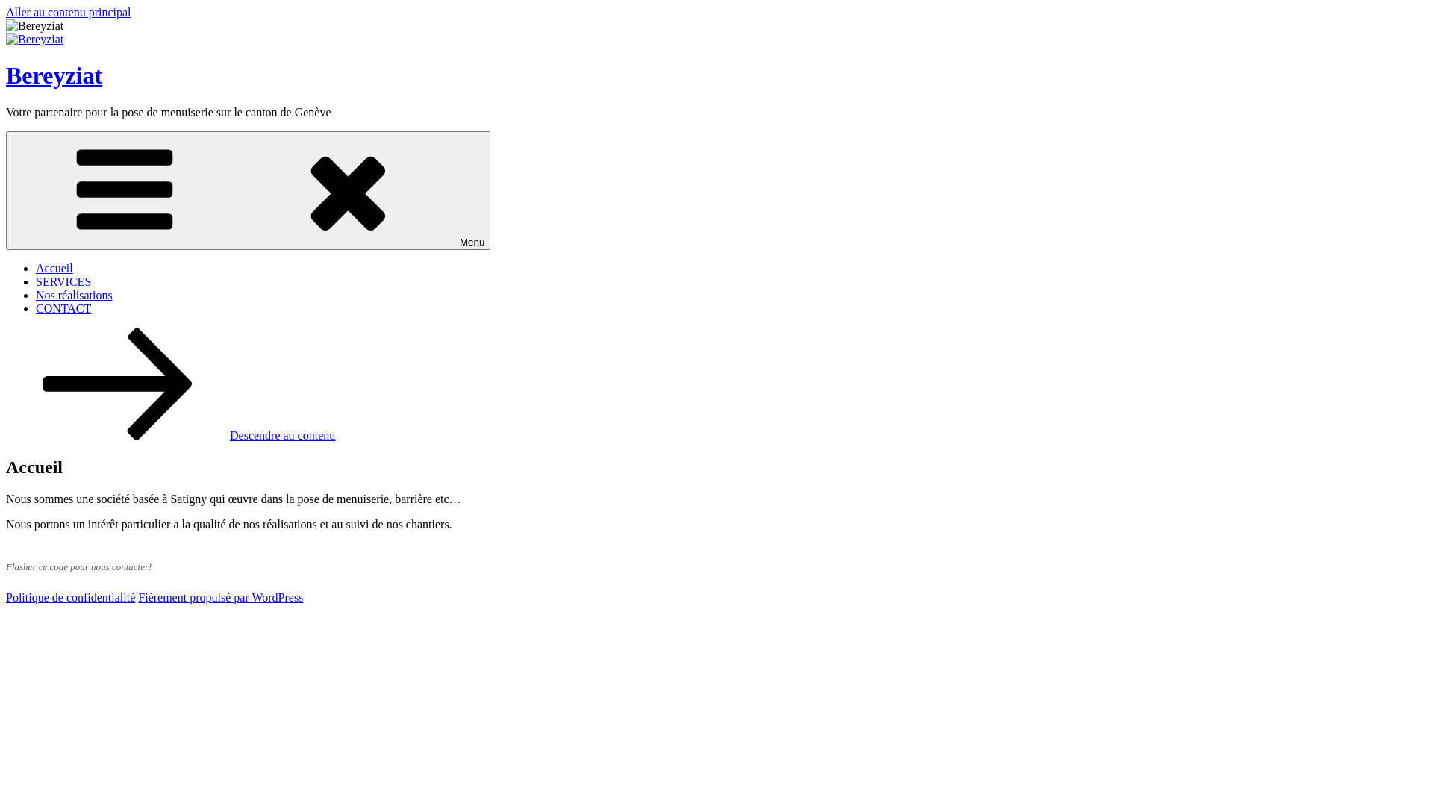 Image resolution: width=1433 pixels, height=806 pixels. What do you see at coordinates (54, 267) in the screenshot?
I see `'Accueil'` at bounding box center [54, 267].